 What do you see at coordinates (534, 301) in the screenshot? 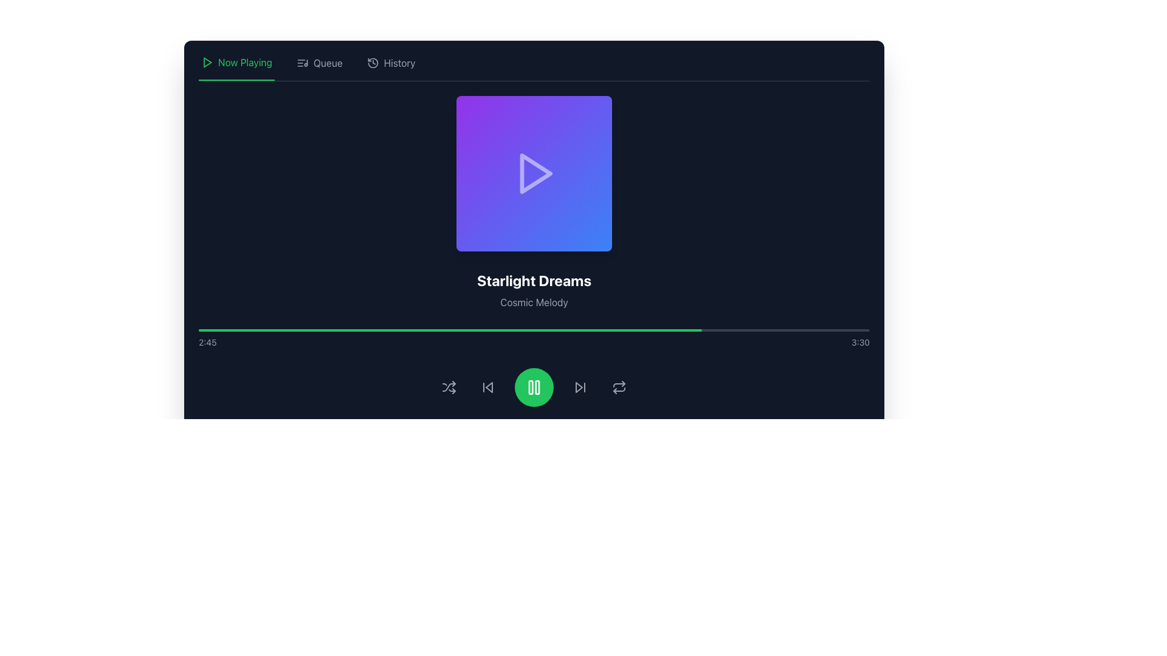
I see `the subtitle text label located below the main title 'Starlight Dreams' in the center of the interface` at bounding box center [534, 301].